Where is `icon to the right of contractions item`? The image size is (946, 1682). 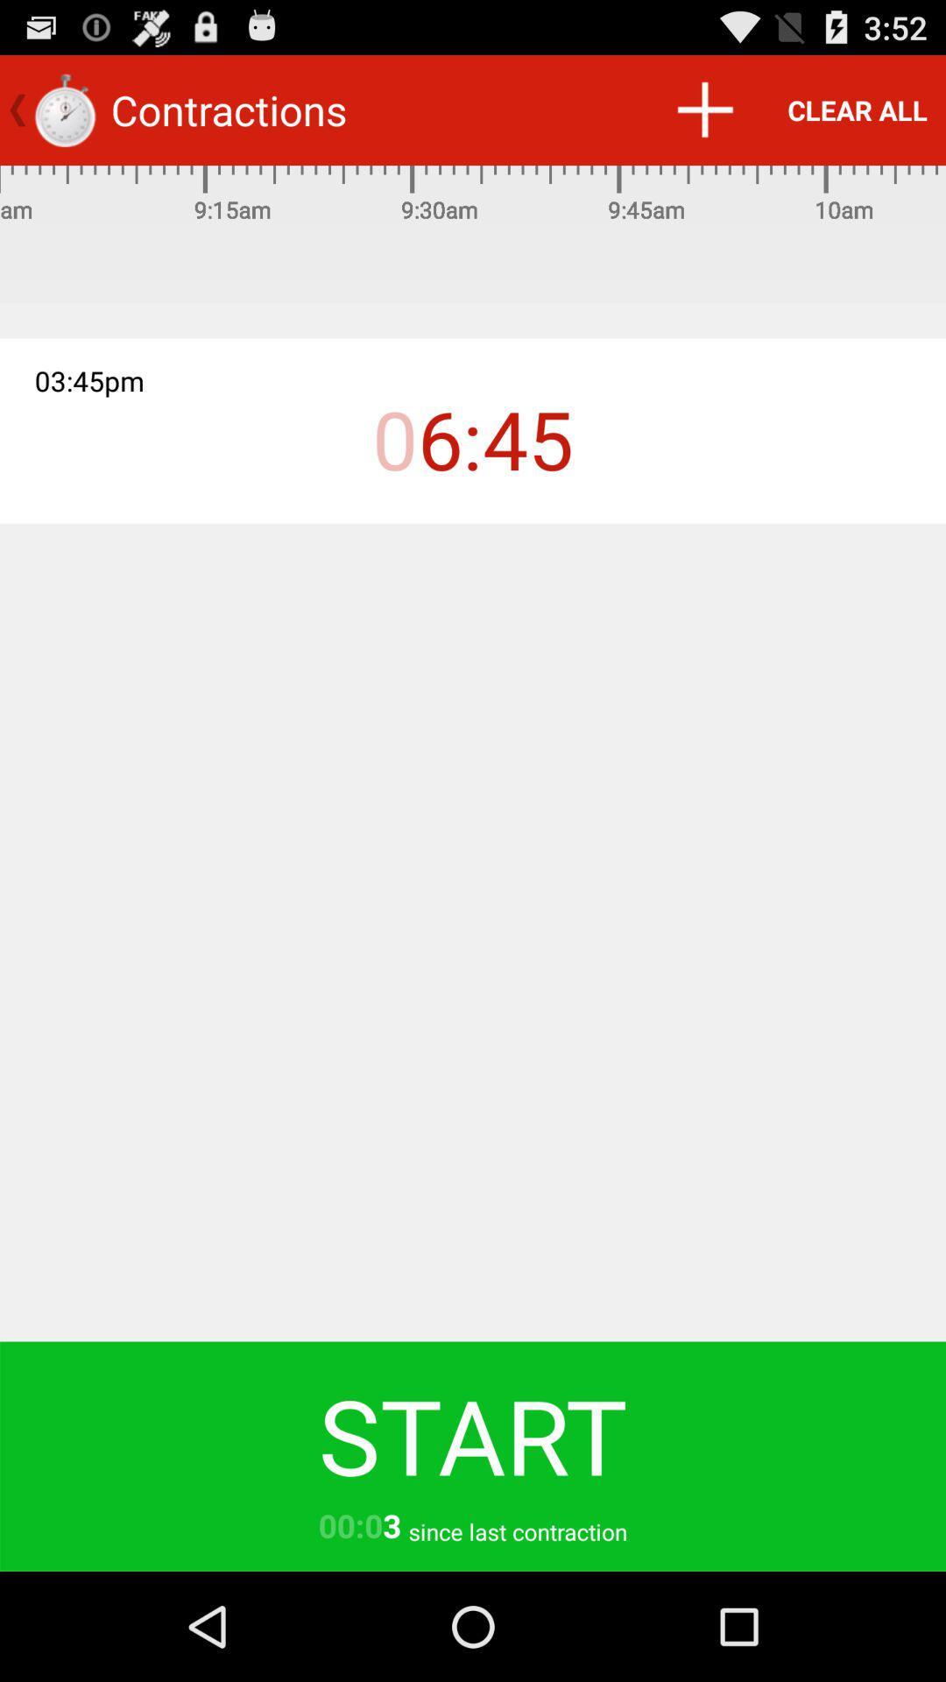
icon to the right of contractions item is located at coordinates (703, 109).